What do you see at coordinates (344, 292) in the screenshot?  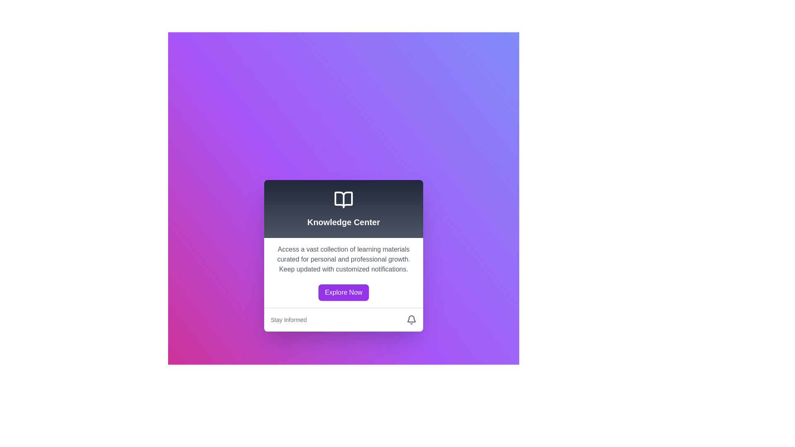 I see `the vibrant purple button labeled 'Explore Now'` at bounding box center [344, 292].